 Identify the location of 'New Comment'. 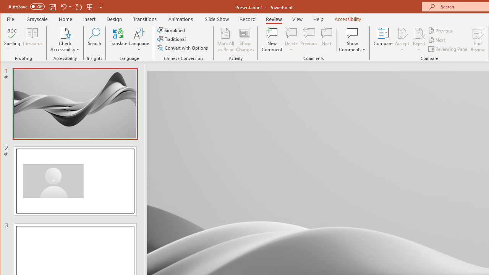
(272, 40).